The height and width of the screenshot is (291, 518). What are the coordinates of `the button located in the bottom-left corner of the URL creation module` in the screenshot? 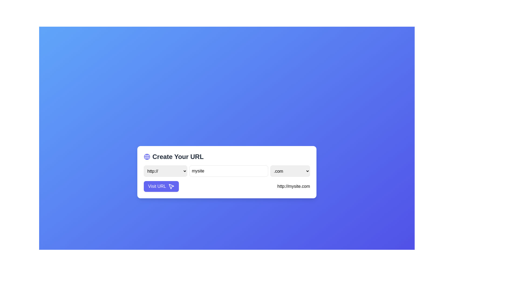 It's located at (161, 186).